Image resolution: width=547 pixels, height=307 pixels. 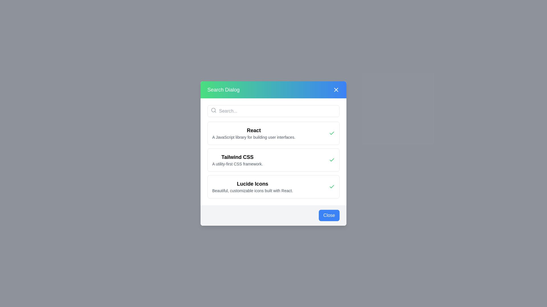 What do you see at coordinates (237, 157) in the screenshot?
I see `text label that serves as a title for the entry 'Tailwind CSS', which is centrally aligned in the second row of the vertical list within the dialog box` at bounding box center [237, 157].